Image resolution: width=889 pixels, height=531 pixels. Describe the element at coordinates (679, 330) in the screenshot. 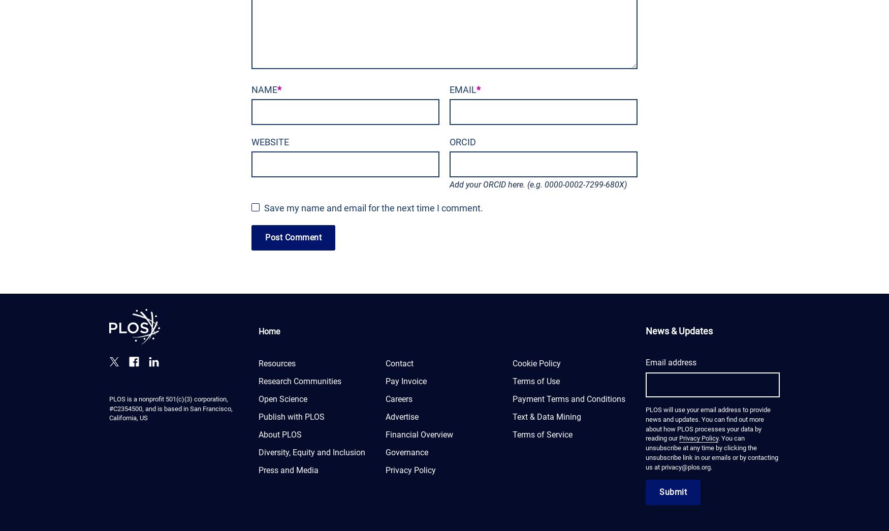

I see `'News & Updates'` at that location.